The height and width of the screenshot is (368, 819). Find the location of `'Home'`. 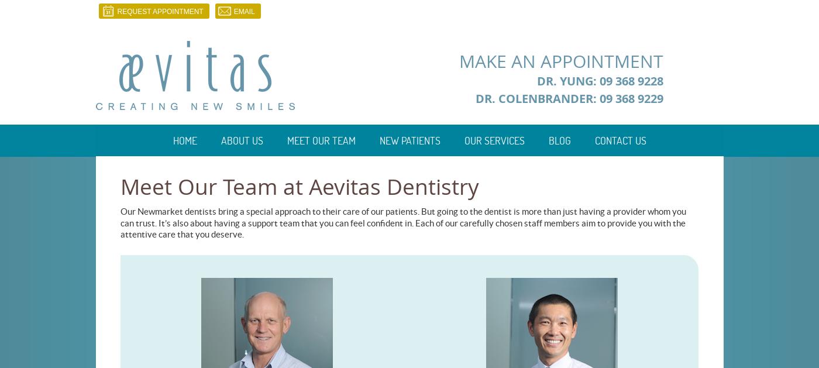

'Home' is located at coordinates (184, 140).